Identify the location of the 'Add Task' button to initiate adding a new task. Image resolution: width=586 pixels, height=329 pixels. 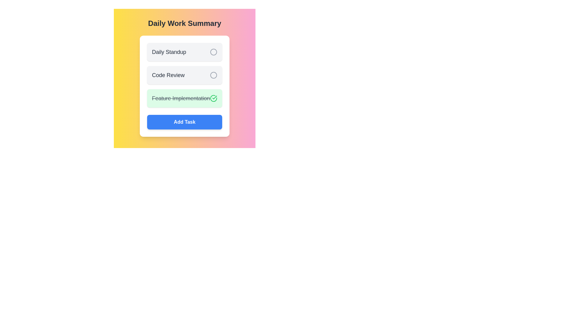
(184, 122).